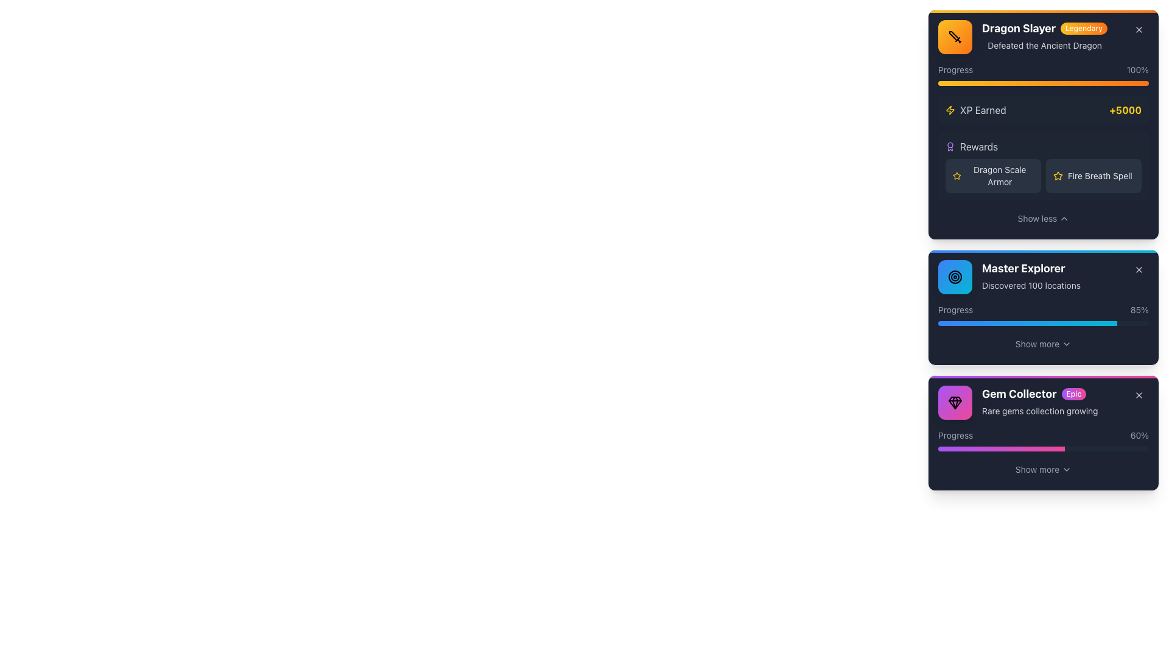 The image size is (1169, 658). What do you see at coordinates (1139, 269) in the screenshot?
I see `the circular button with a dark background and a white 'X' icon in the center` at bounding box center [1139, 269].